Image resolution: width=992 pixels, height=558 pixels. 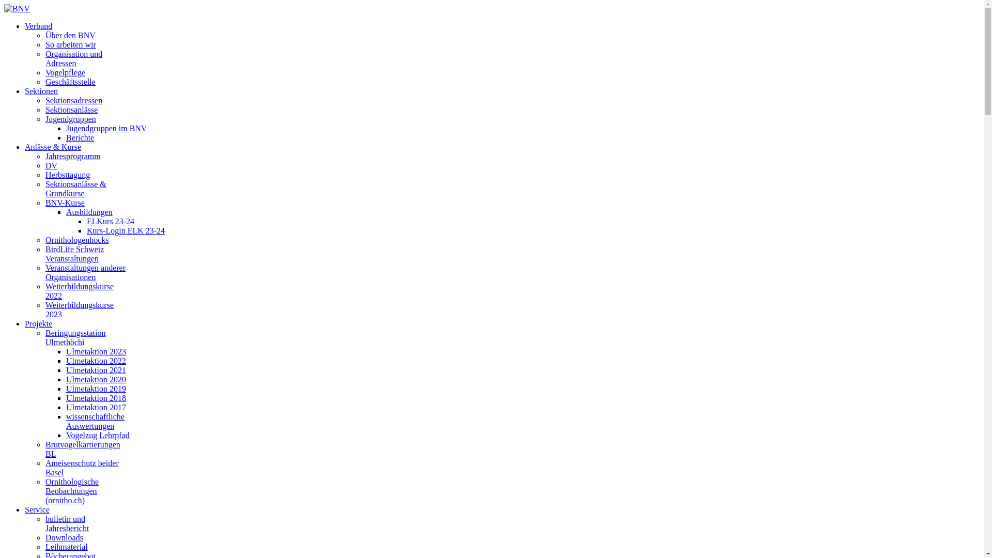 I want to click on 'Organisation und Adressen', so click(x=44, y=58).